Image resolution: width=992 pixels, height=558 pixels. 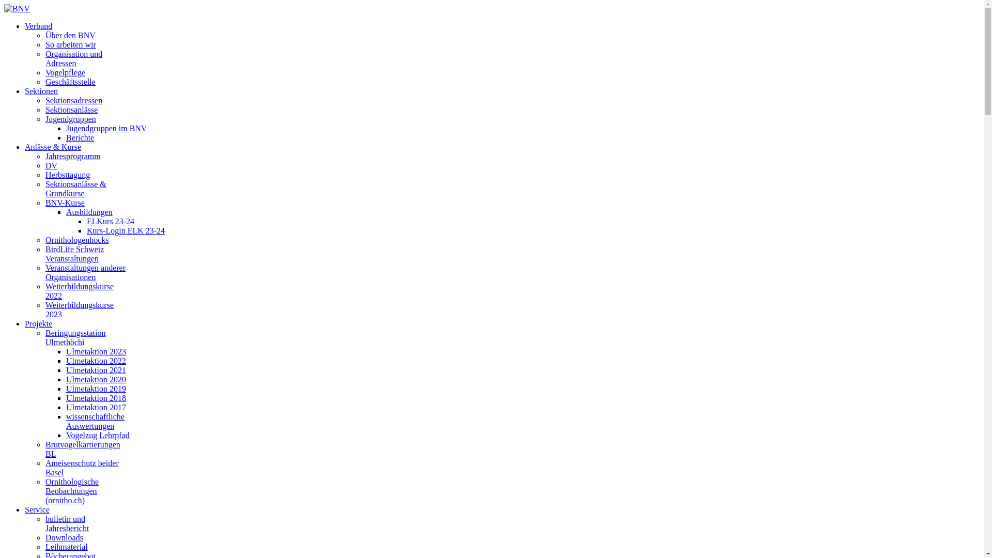 I want to click on 'Organisation und Adressen', so click(x=44, y=58).